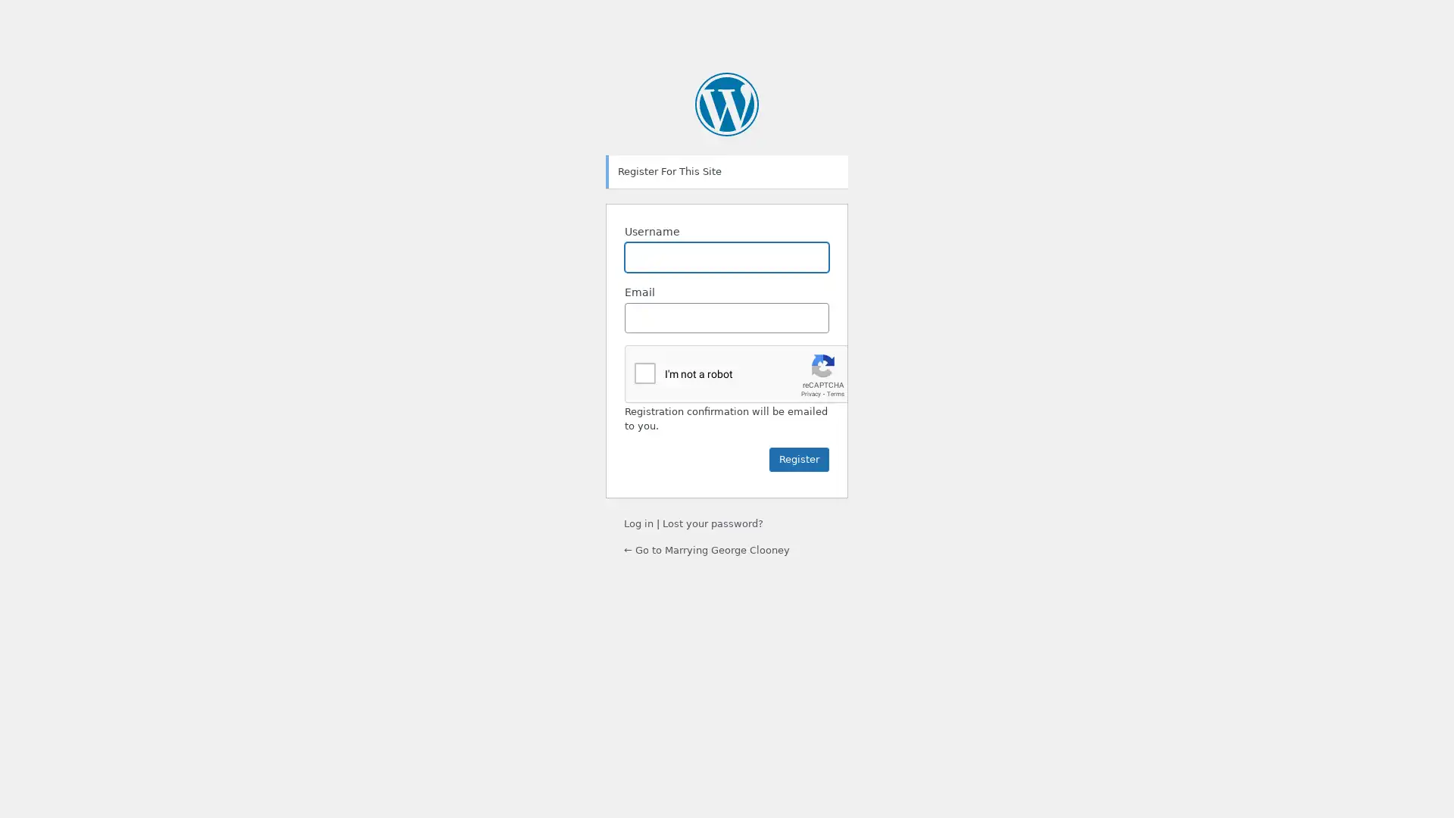 The height and width of the screenshot is (818, 1454). I want to click on Register, so click(798, 457).